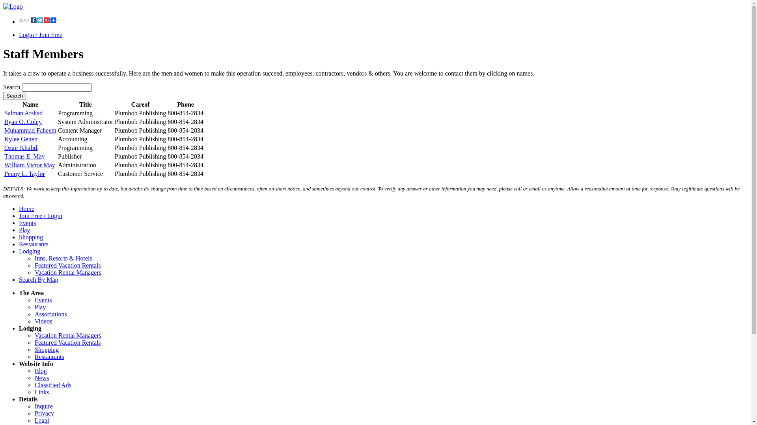 Image resolution: width=757 pixels, height=425 pixels. What do you see at coordinates (44, 413) in the screenshot?
I see `'Privacy'` at bounding box center [44, 413].